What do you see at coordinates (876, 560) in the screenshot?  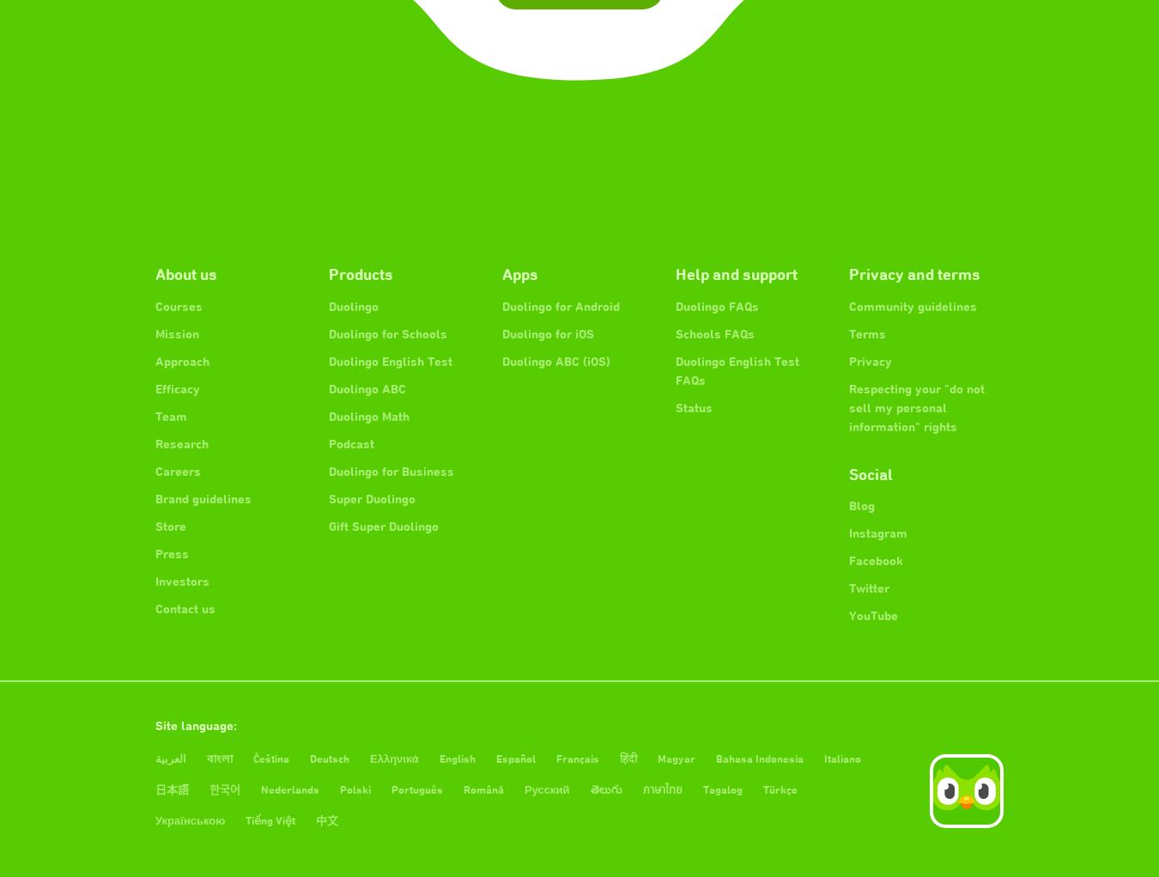 I see `'Facebook'` at bounding box center [876, 560].